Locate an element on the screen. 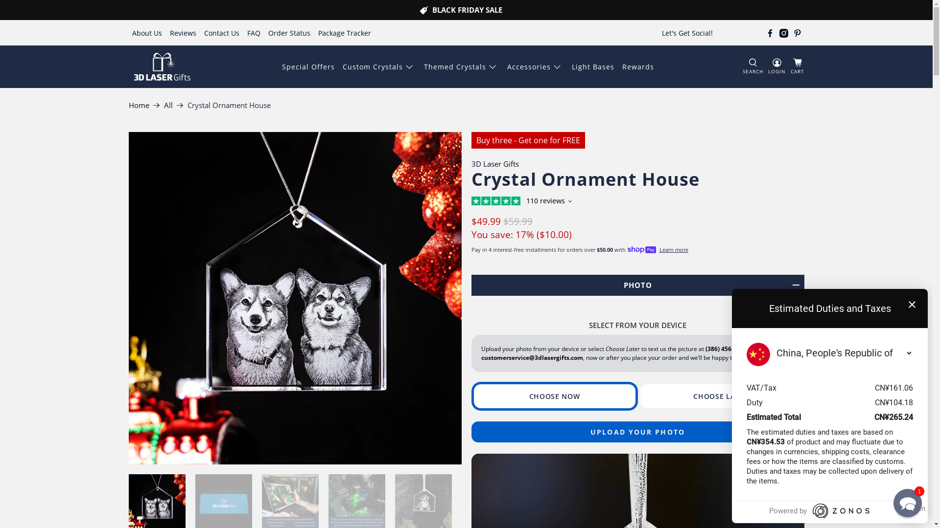 Image resolution: width=940 pixels, height=528 pixels. 'Reviews' is located at coordinates (183, 32).